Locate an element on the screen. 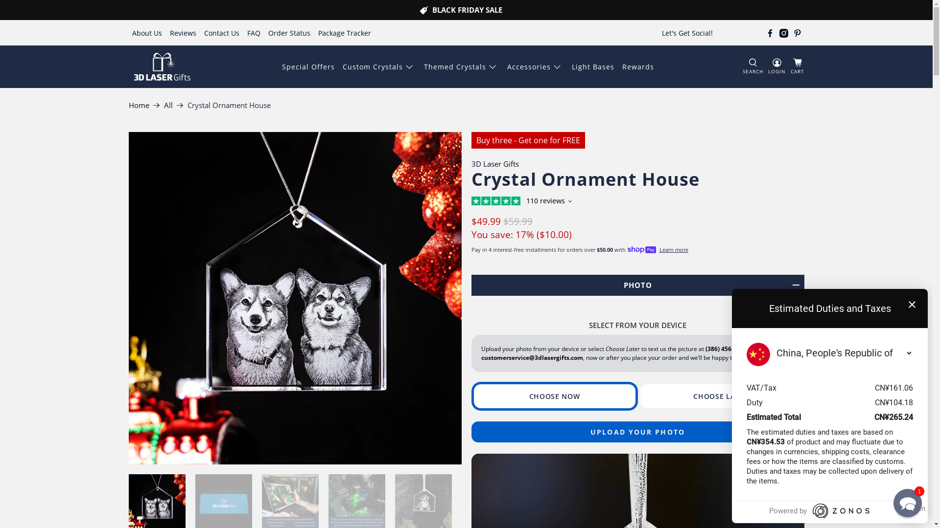 Image resolution: width=940 pixels, height=528 pixels. 'Reviews' is located at coordinates (183, 32).